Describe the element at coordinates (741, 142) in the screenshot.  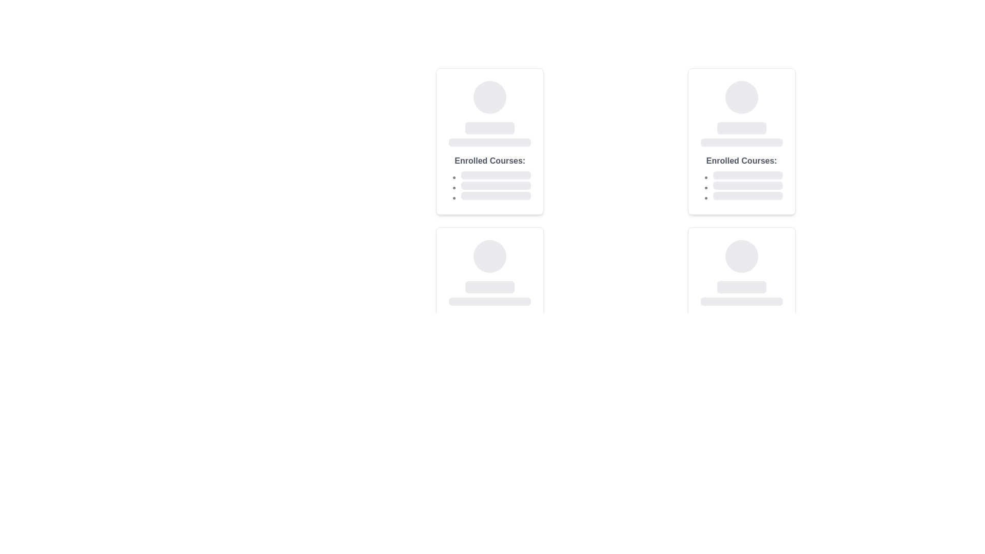
I see `the second placeholder bar element, which serves as a visual indicator for content that is not currently loaded, positioned below another narrower rectangle` at that location.